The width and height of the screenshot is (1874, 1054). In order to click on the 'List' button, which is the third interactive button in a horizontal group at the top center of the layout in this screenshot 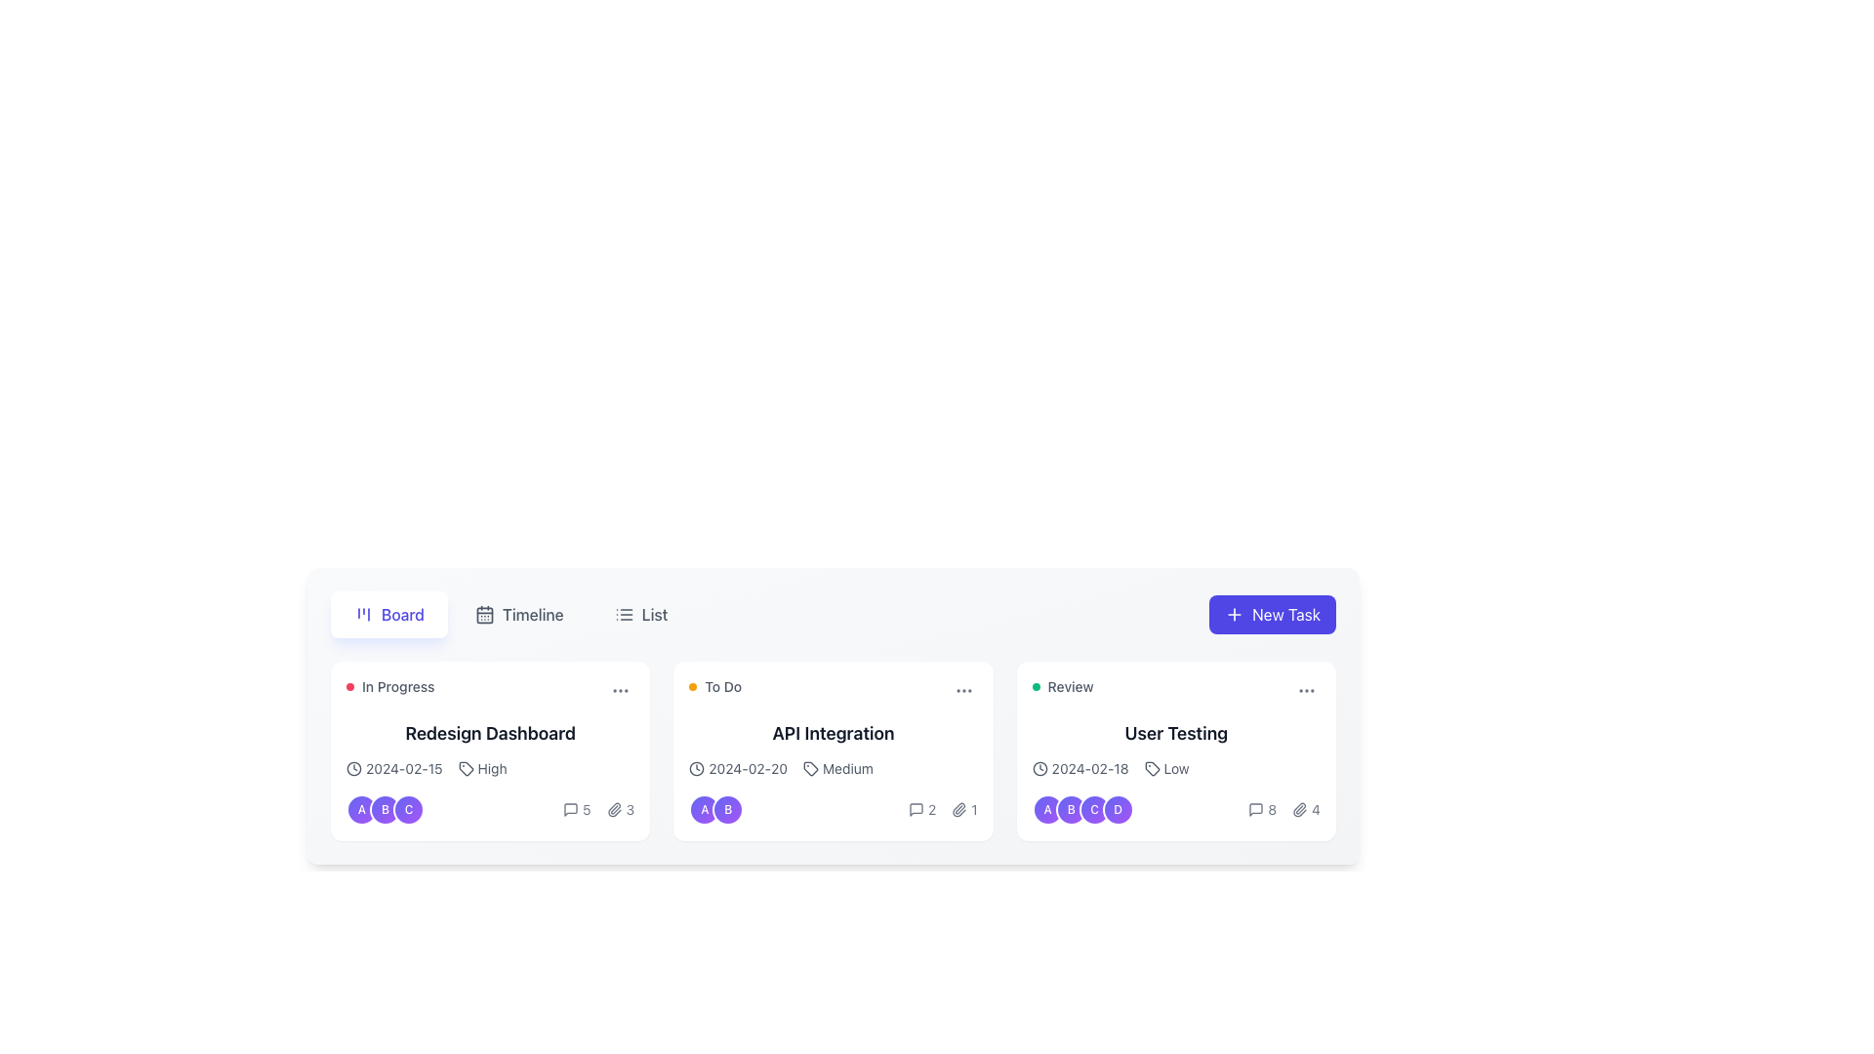, I will do `click(641, 613)`.